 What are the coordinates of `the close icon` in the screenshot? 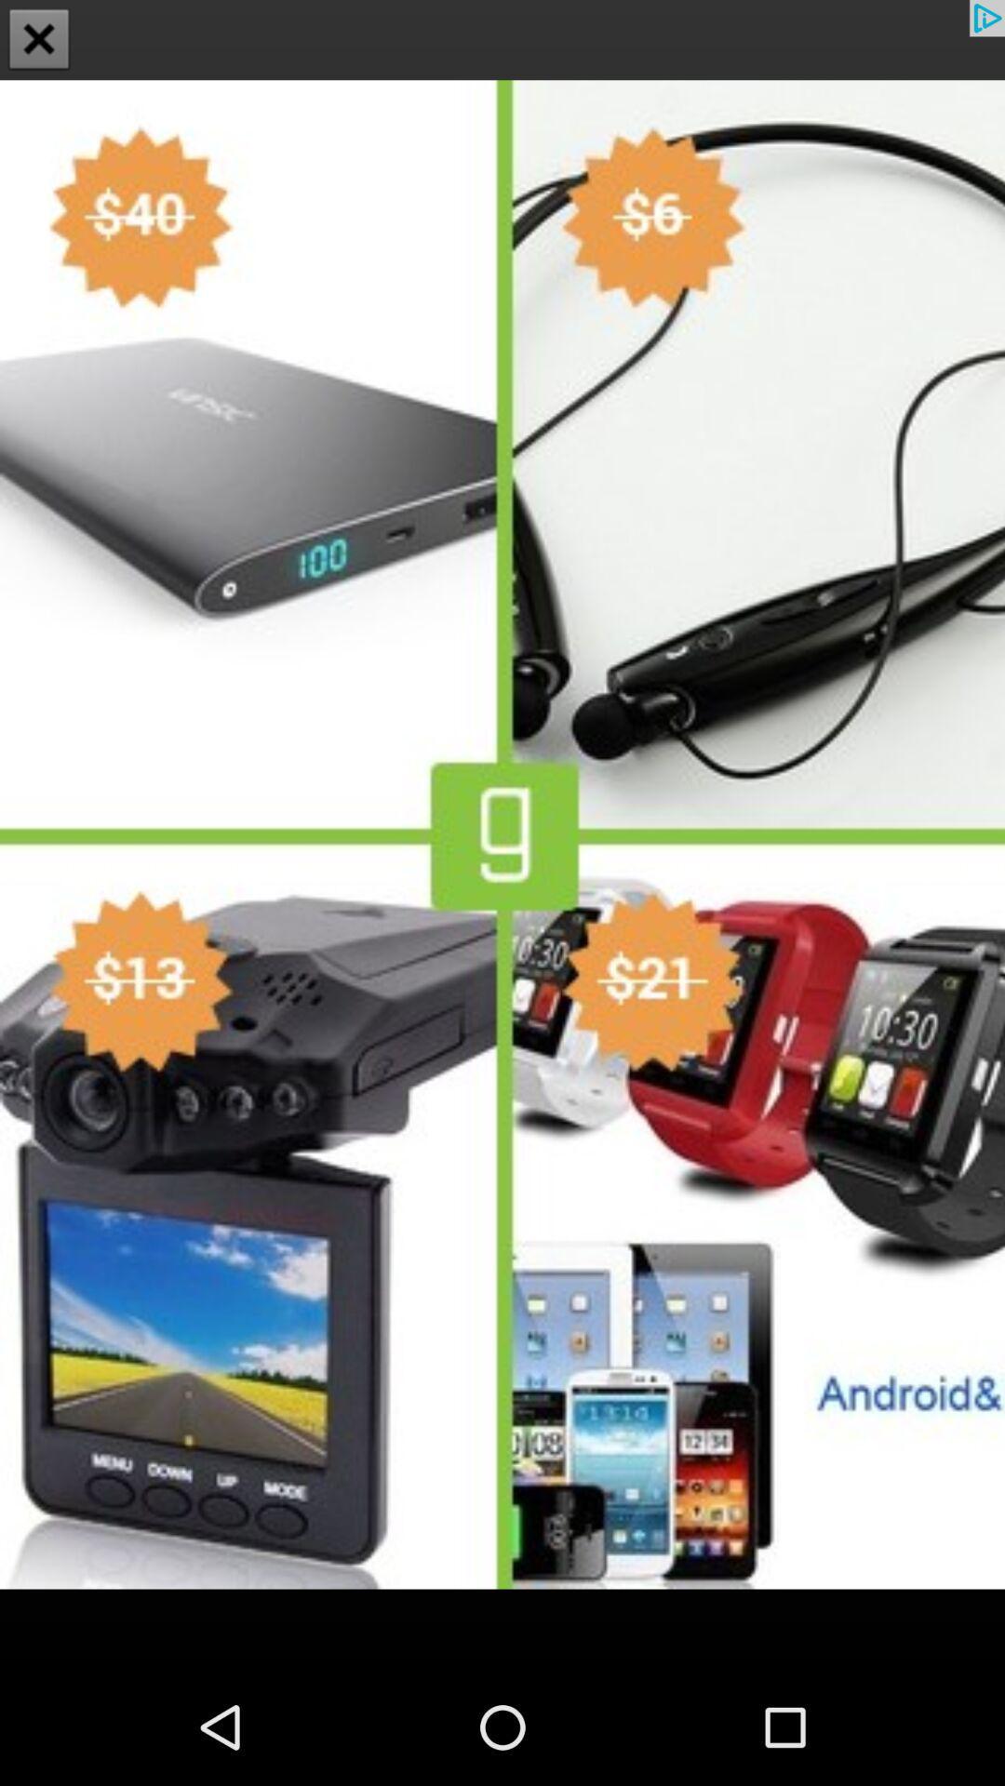 It's located at (39, 41).